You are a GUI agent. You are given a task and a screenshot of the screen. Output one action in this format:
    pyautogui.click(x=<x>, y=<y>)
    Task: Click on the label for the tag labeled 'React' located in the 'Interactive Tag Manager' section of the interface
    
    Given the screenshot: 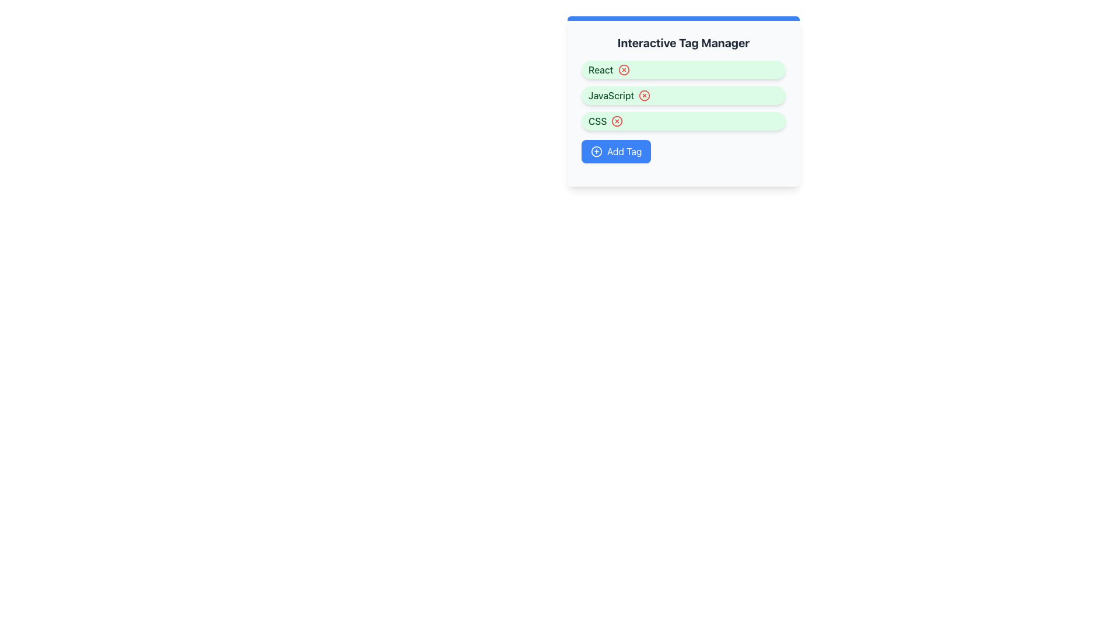 What is the action you would take?
    pyautogui.click(x=601, y=69)
    